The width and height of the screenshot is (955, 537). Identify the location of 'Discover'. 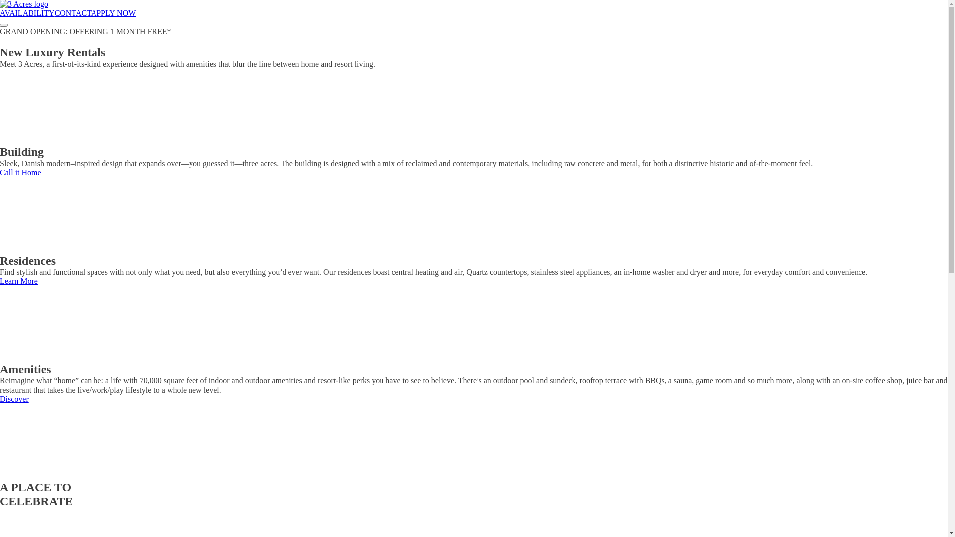
(14, 398).